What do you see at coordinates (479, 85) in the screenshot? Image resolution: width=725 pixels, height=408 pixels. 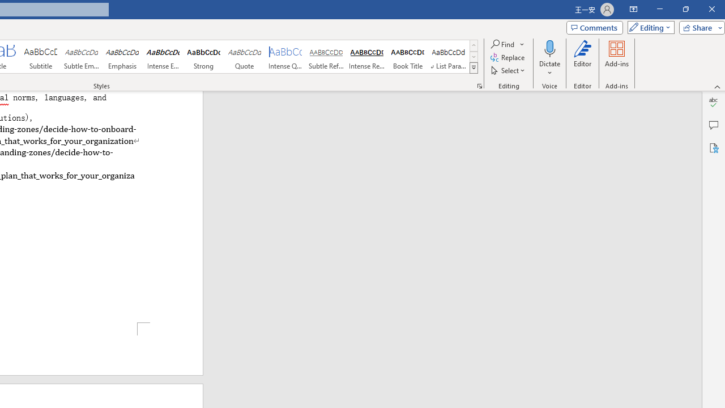 I see `'Styles...'` at bounding box center [479, 85].